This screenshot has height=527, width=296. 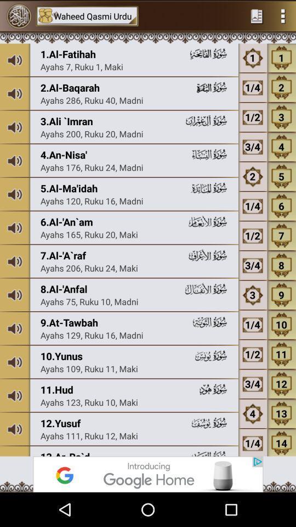 What do you see at coordinates (283, 16) in the screenshot?
I see `the more icon` at bounding box center [283, 16].